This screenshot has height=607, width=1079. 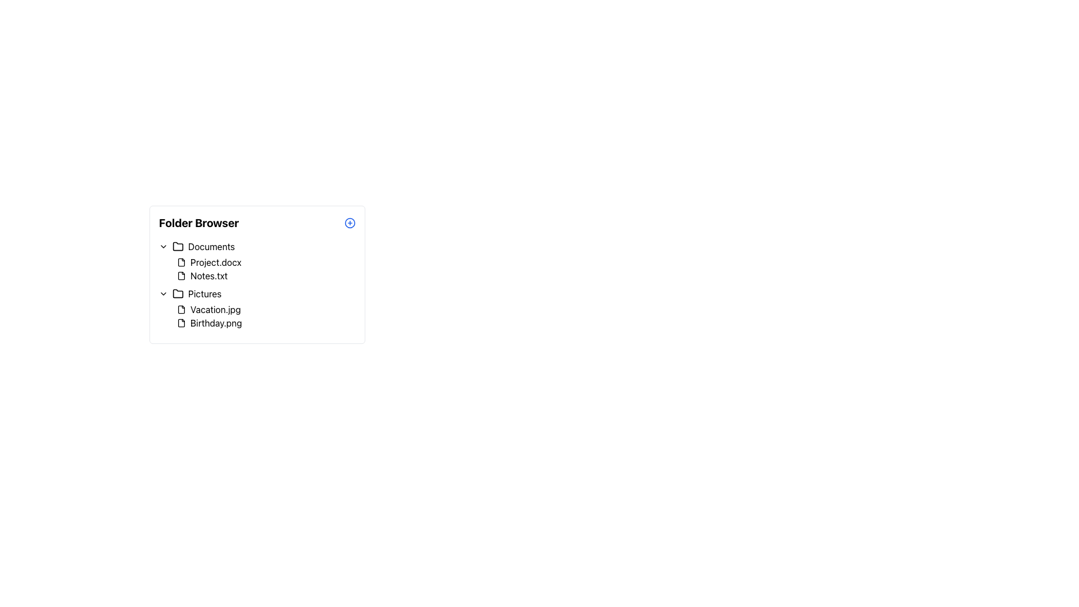 What do you see at coordinates (181, 262) in the screenshot?
I see `the file icon representing 'Project.docx', which is uniquely identified as being to the left of the text in the 'Documents' list under the 'Folder Browser' header` at bounding box center [181, 262].